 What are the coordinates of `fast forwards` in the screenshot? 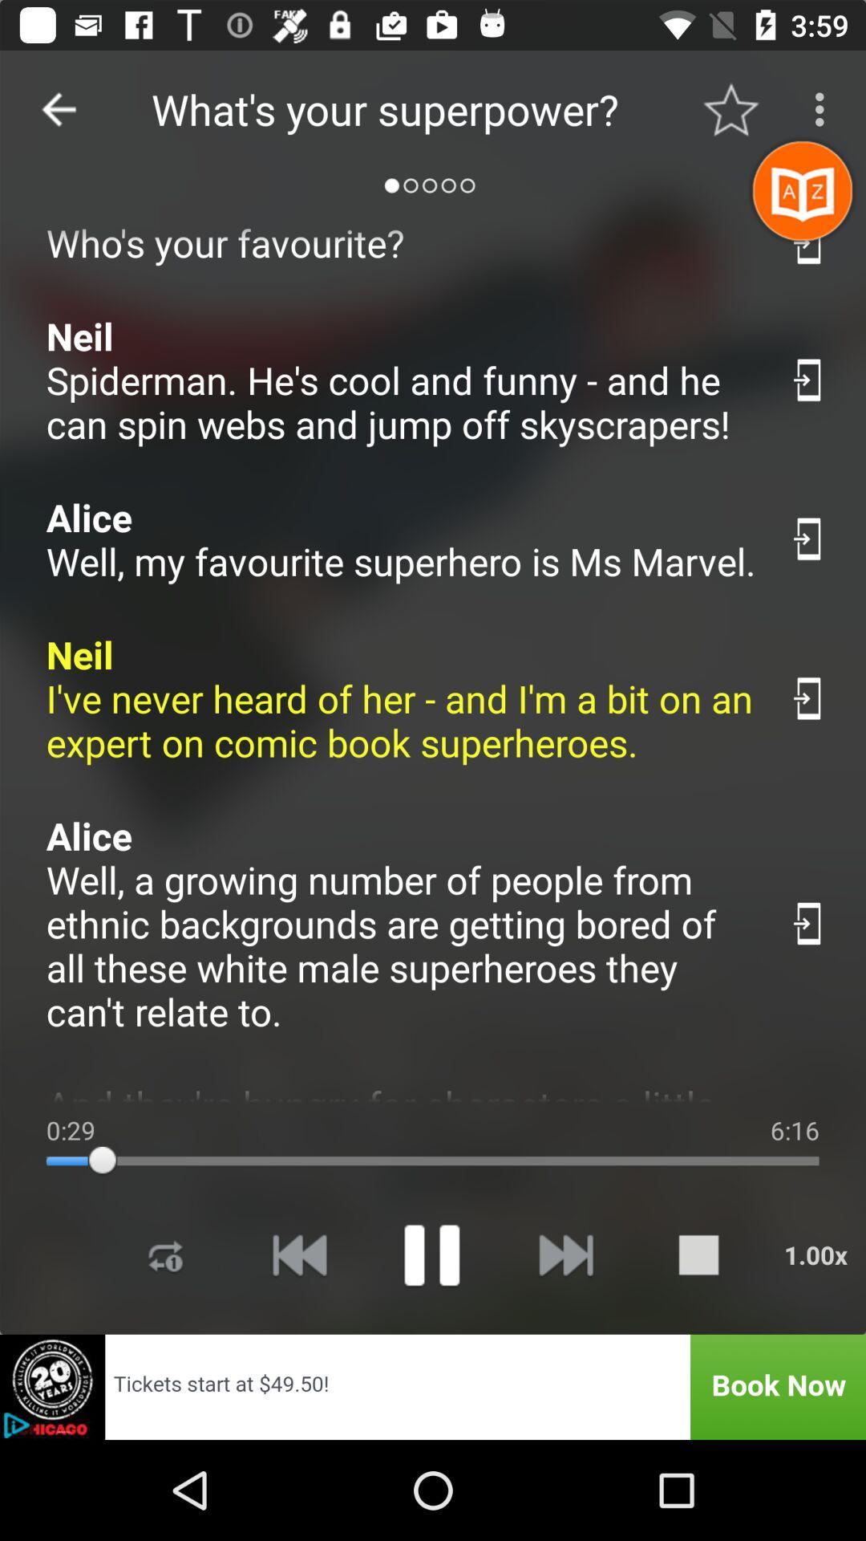 It's located at (565, 1254).